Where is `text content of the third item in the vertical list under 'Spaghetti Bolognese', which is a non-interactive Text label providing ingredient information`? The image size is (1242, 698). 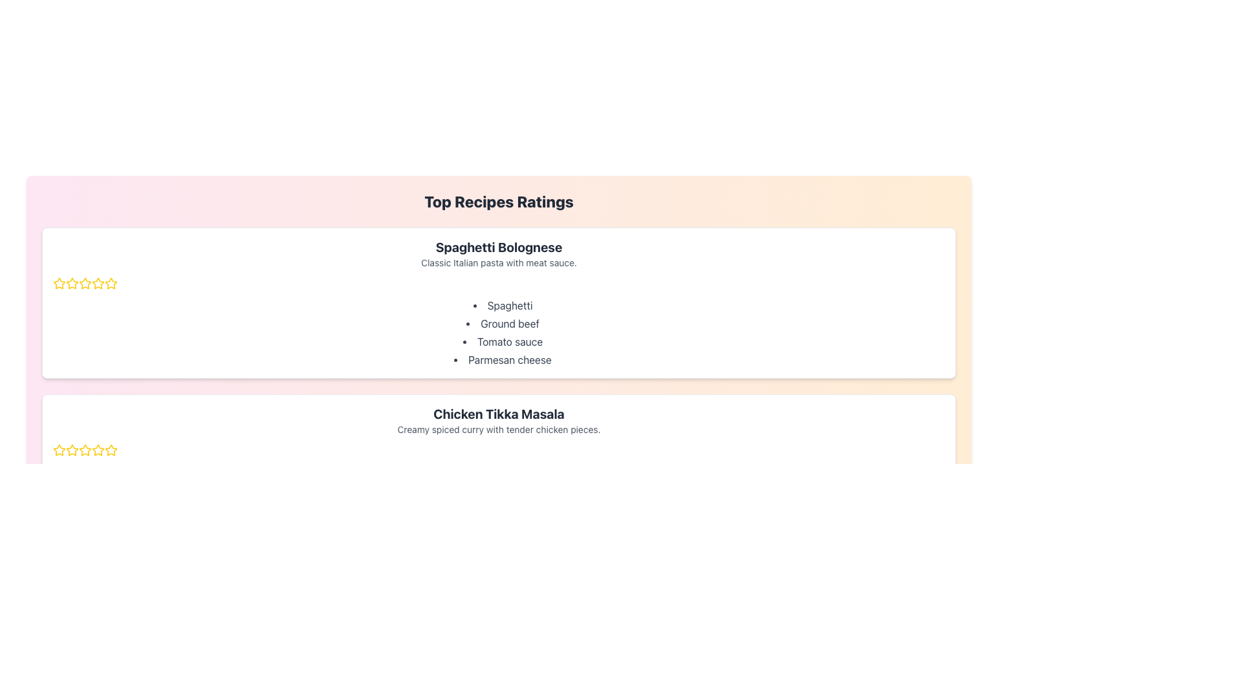
text content of the third item in the vertical list under 'Spaghetti Bolognese', which is a non-interactive Text label providing ingredient information is located at coordinates (502, 341).